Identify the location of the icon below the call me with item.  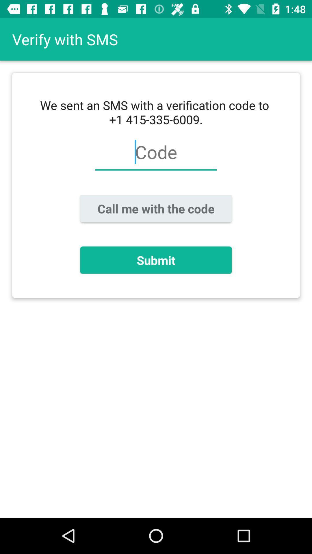
(156, 260).